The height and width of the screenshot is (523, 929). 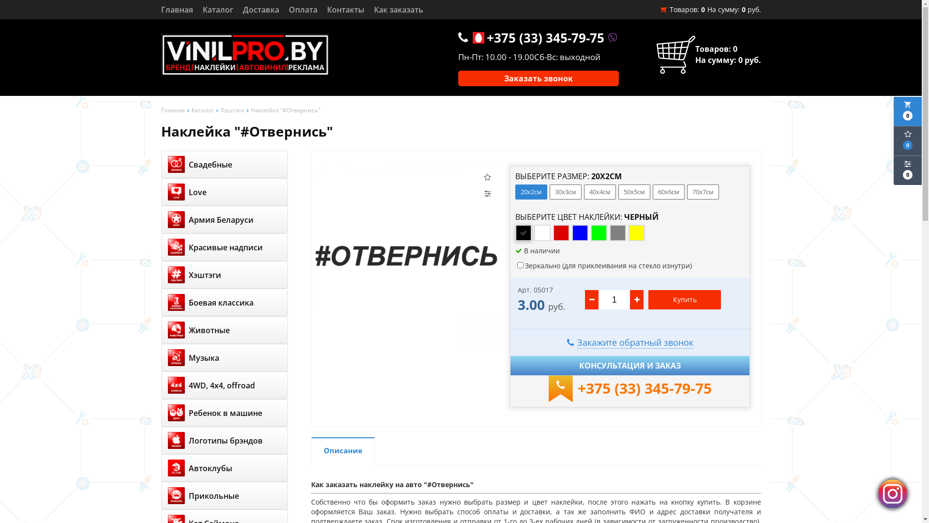 What do you see at coordinates (893, 111) in the screenshot?
I see `'local_grocery_store` at bounding box center [893, 111].